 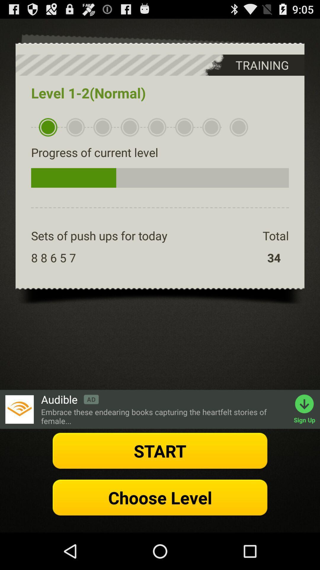 I want to click on the option choose level, so click(x=160, y=497).